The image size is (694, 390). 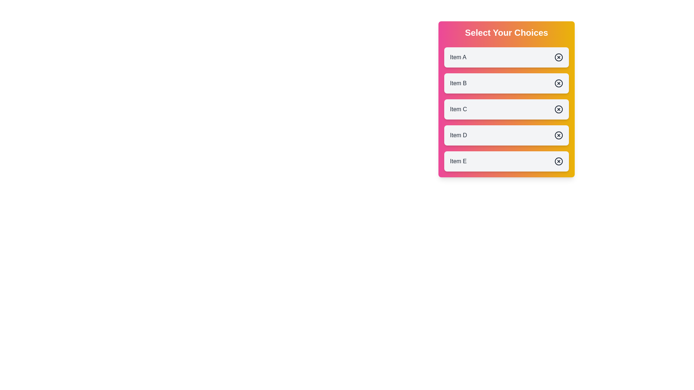 I want to click on the button labeled Item E to observe the animation, so click(x=506, y=161).